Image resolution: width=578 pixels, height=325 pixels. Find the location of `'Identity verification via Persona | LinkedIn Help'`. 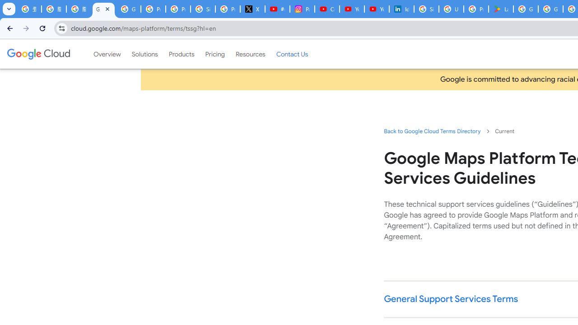

'Identity verification via Persona | LinkedIn Help' is located at coordinates (401, 9).